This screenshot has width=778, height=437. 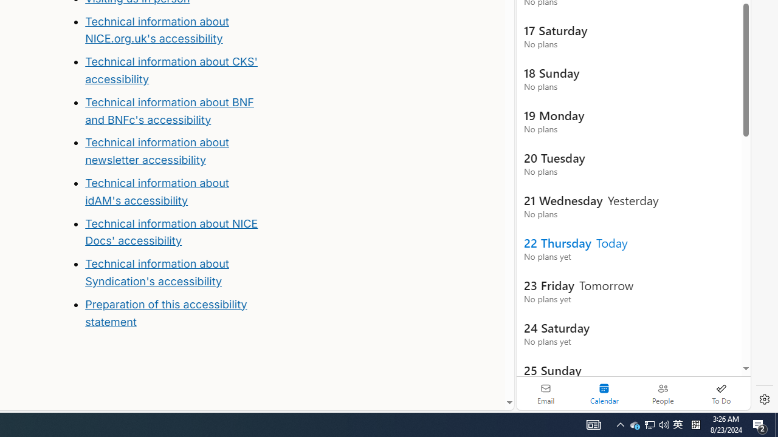 What do you see at coordinates (721, 393) in the screenshot?
I see `'To Do'` at bounding box center [721, 393].